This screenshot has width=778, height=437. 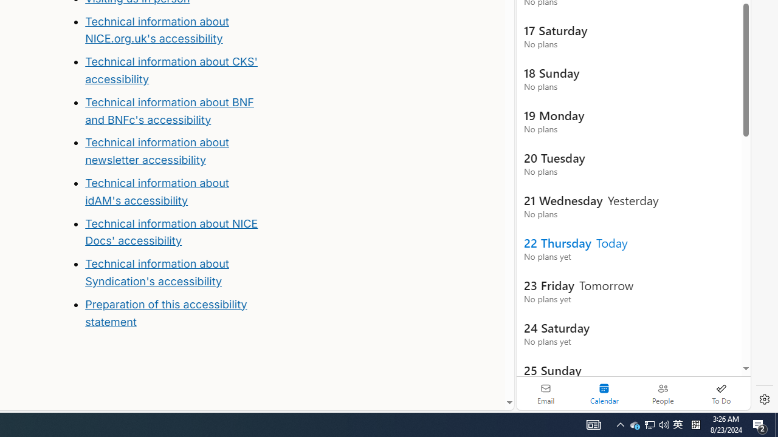 What do you see at coordinates (721, 393) in the screenshot?
I see `'To Do'` at bounding box center [721, 393].